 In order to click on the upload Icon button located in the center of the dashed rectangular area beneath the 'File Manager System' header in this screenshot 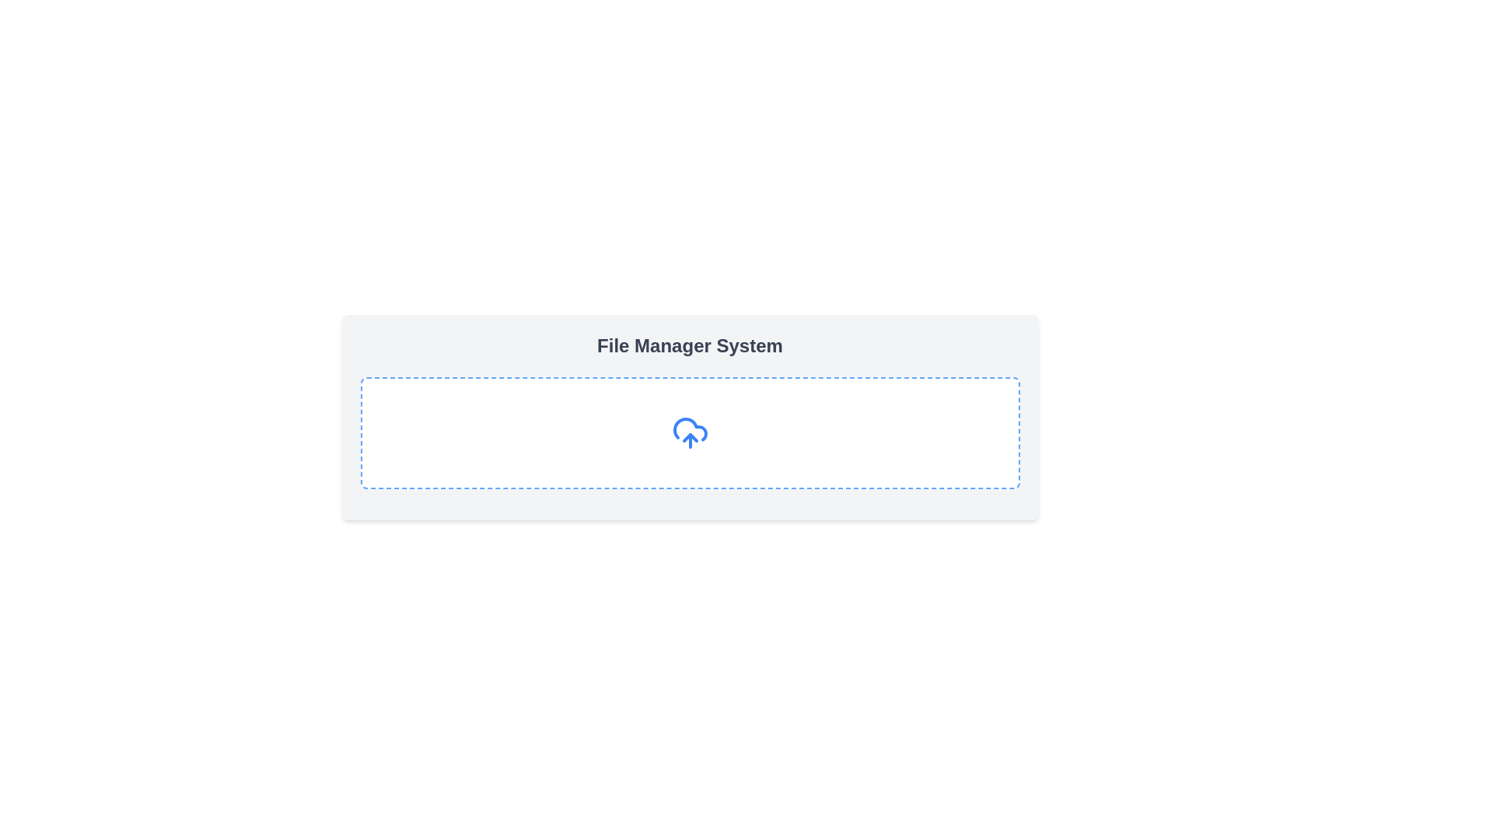, I will do `click(689, 432)`.